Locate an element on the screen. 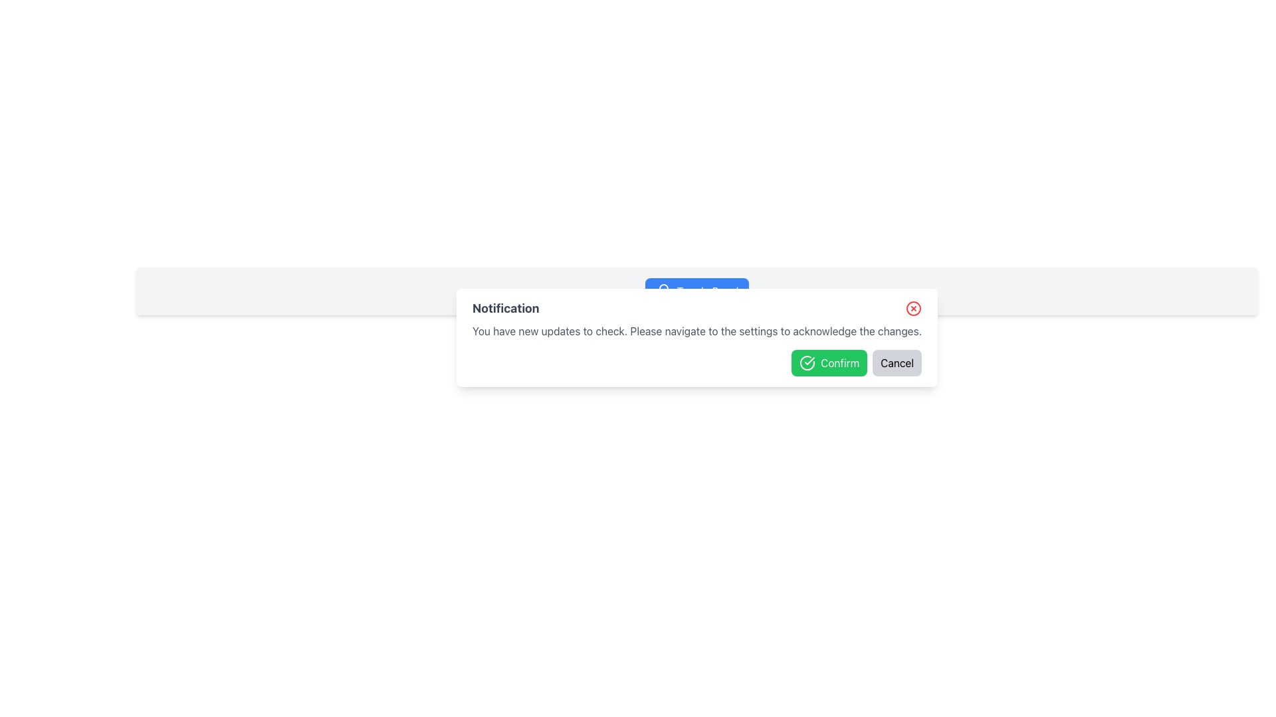  the cancel button located at the rightmost position in the notification card to change its background color is located at coordinates (897, 363).